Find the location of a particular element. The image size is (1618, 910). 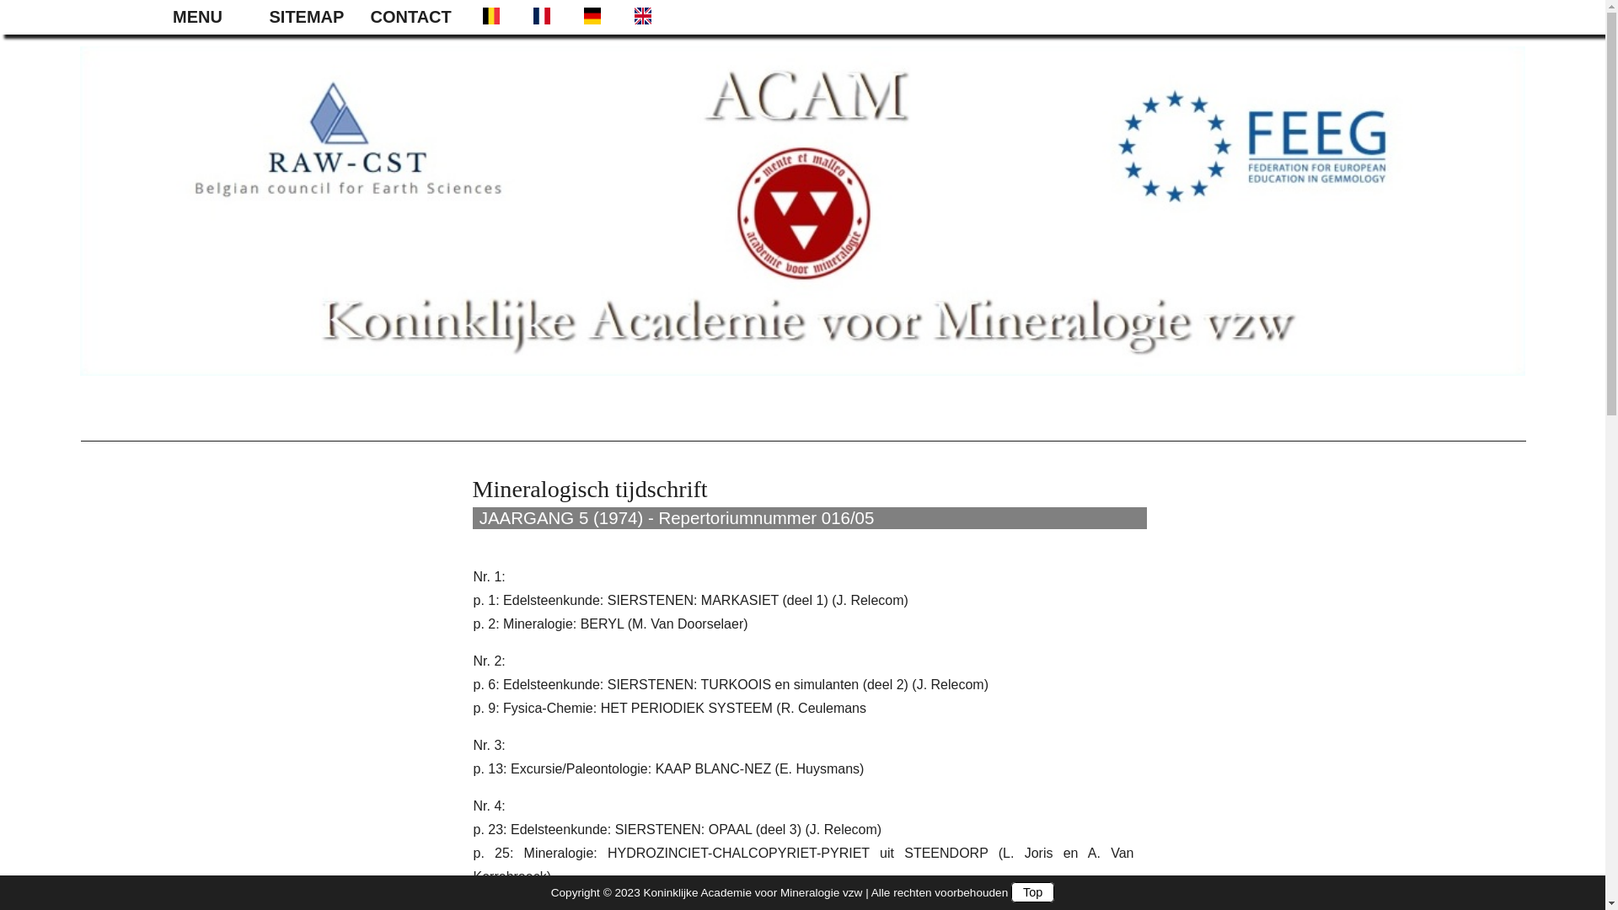

'Condensed information in English' is located at coordinates (640, 16).